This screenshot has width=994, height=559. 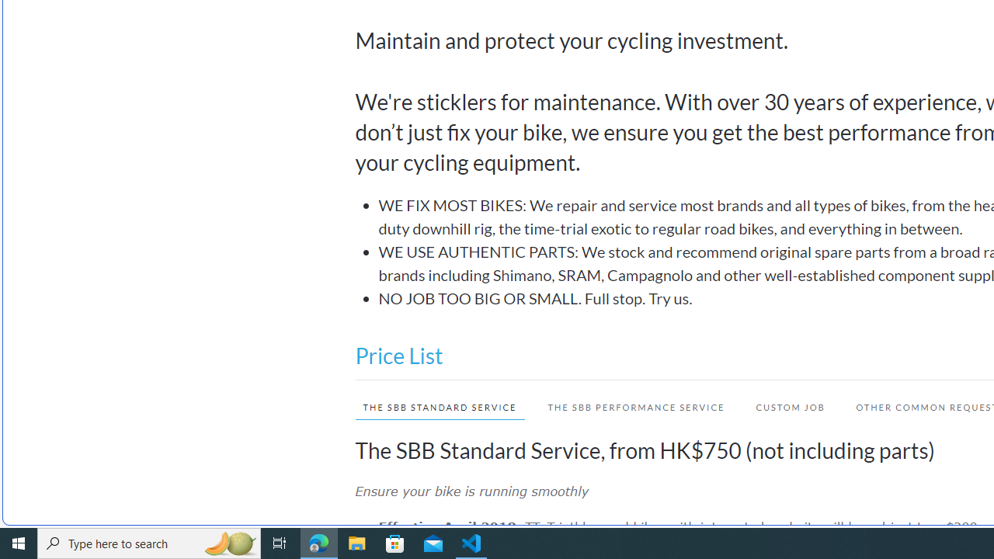 I want to click on 'CUSTOM JOB', so click(x=783, y=406).